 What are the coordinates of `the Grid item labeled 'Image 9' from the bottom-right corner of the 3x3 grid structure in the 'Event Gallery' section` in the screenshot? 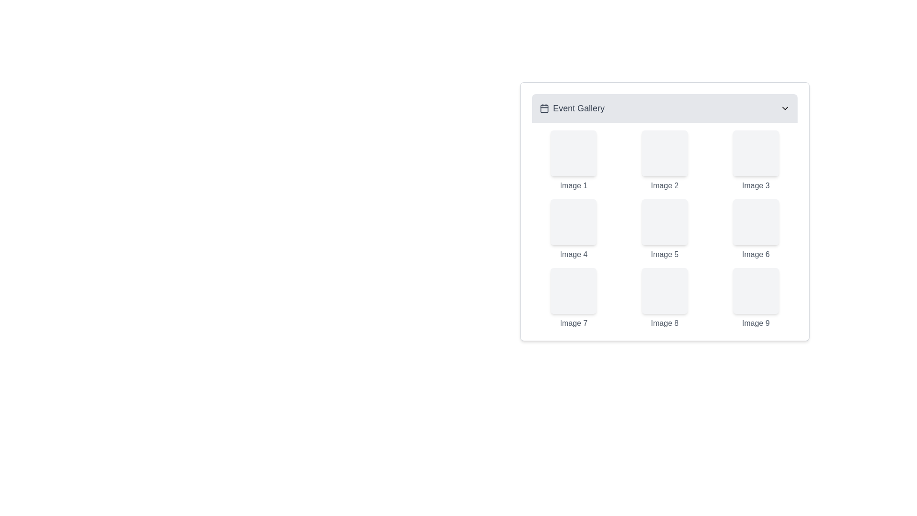 It's located at (755, 298).